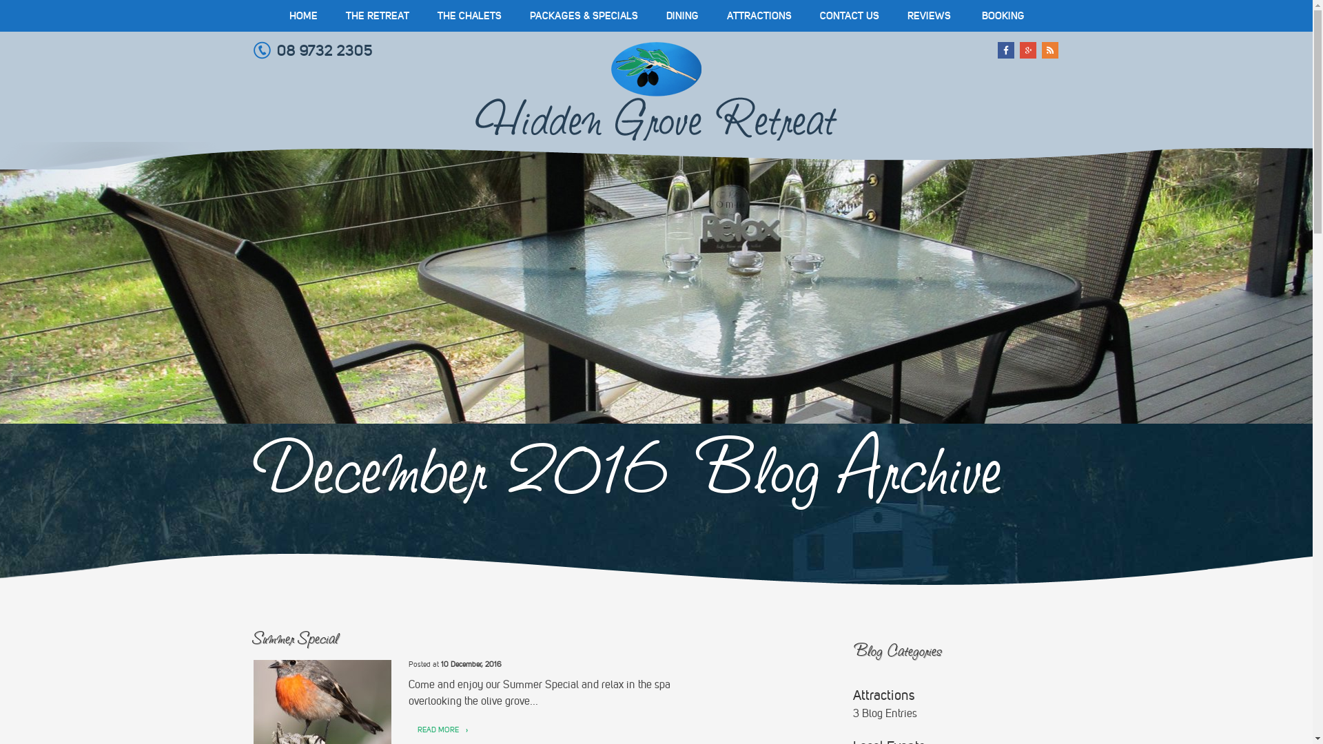 The width and height of the screenshot is (1323, 744). Describe the element at coordinates (469, 16) in the screenshot. I see `'THE CHALETS'` at that location.